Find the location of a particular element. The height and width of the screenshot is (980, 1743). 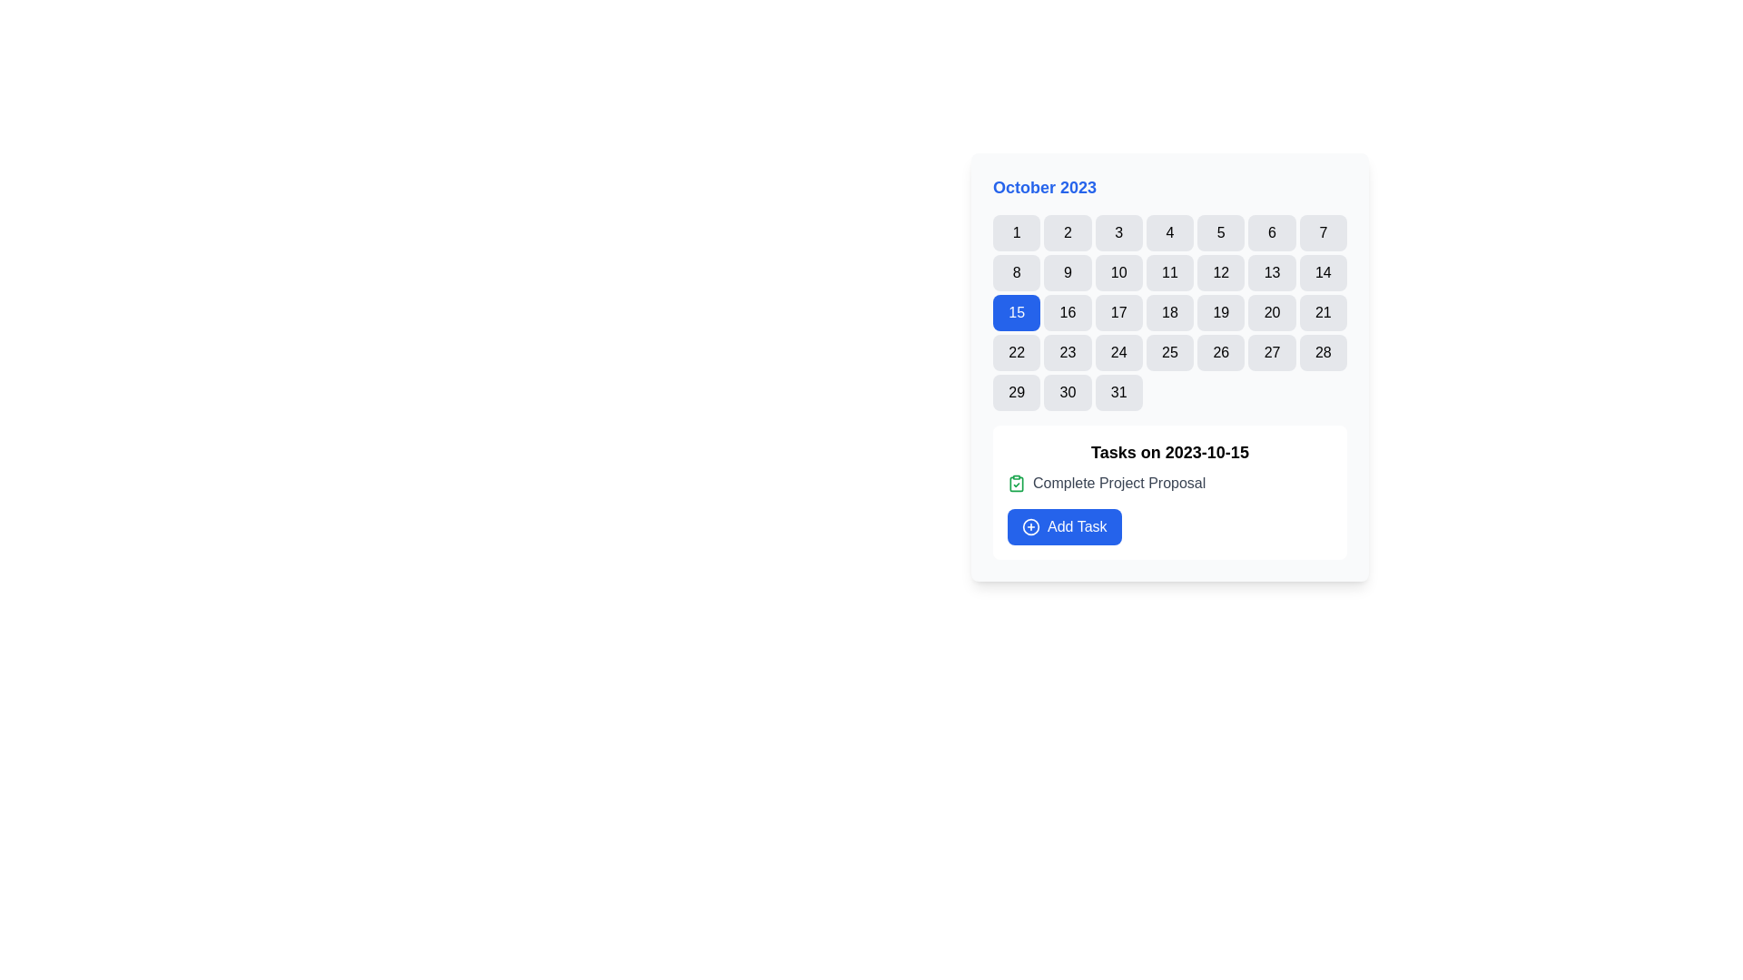

the button representing the seventh day of the month in the calendar interface is located at coordinates (1323, 232).